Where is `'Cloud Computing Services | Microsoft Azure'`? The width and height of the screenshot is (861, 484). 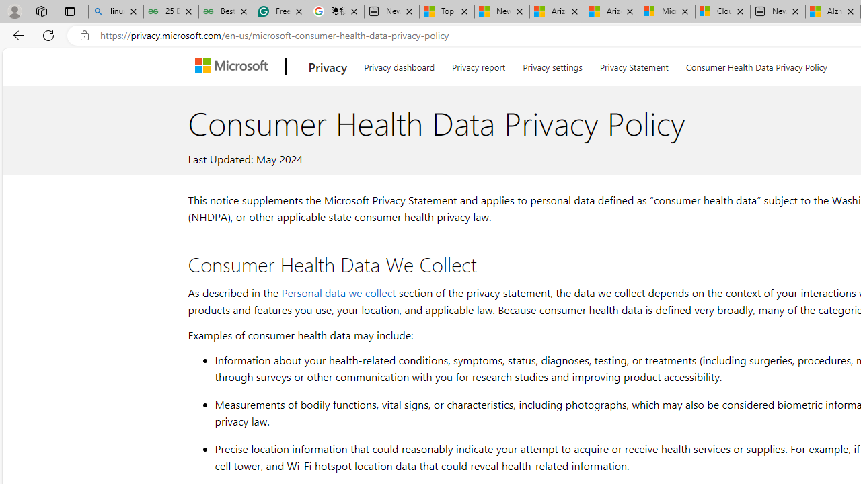
'Cloud Computing Services | Microsoft Azure' is located at coordinates (722, 11).